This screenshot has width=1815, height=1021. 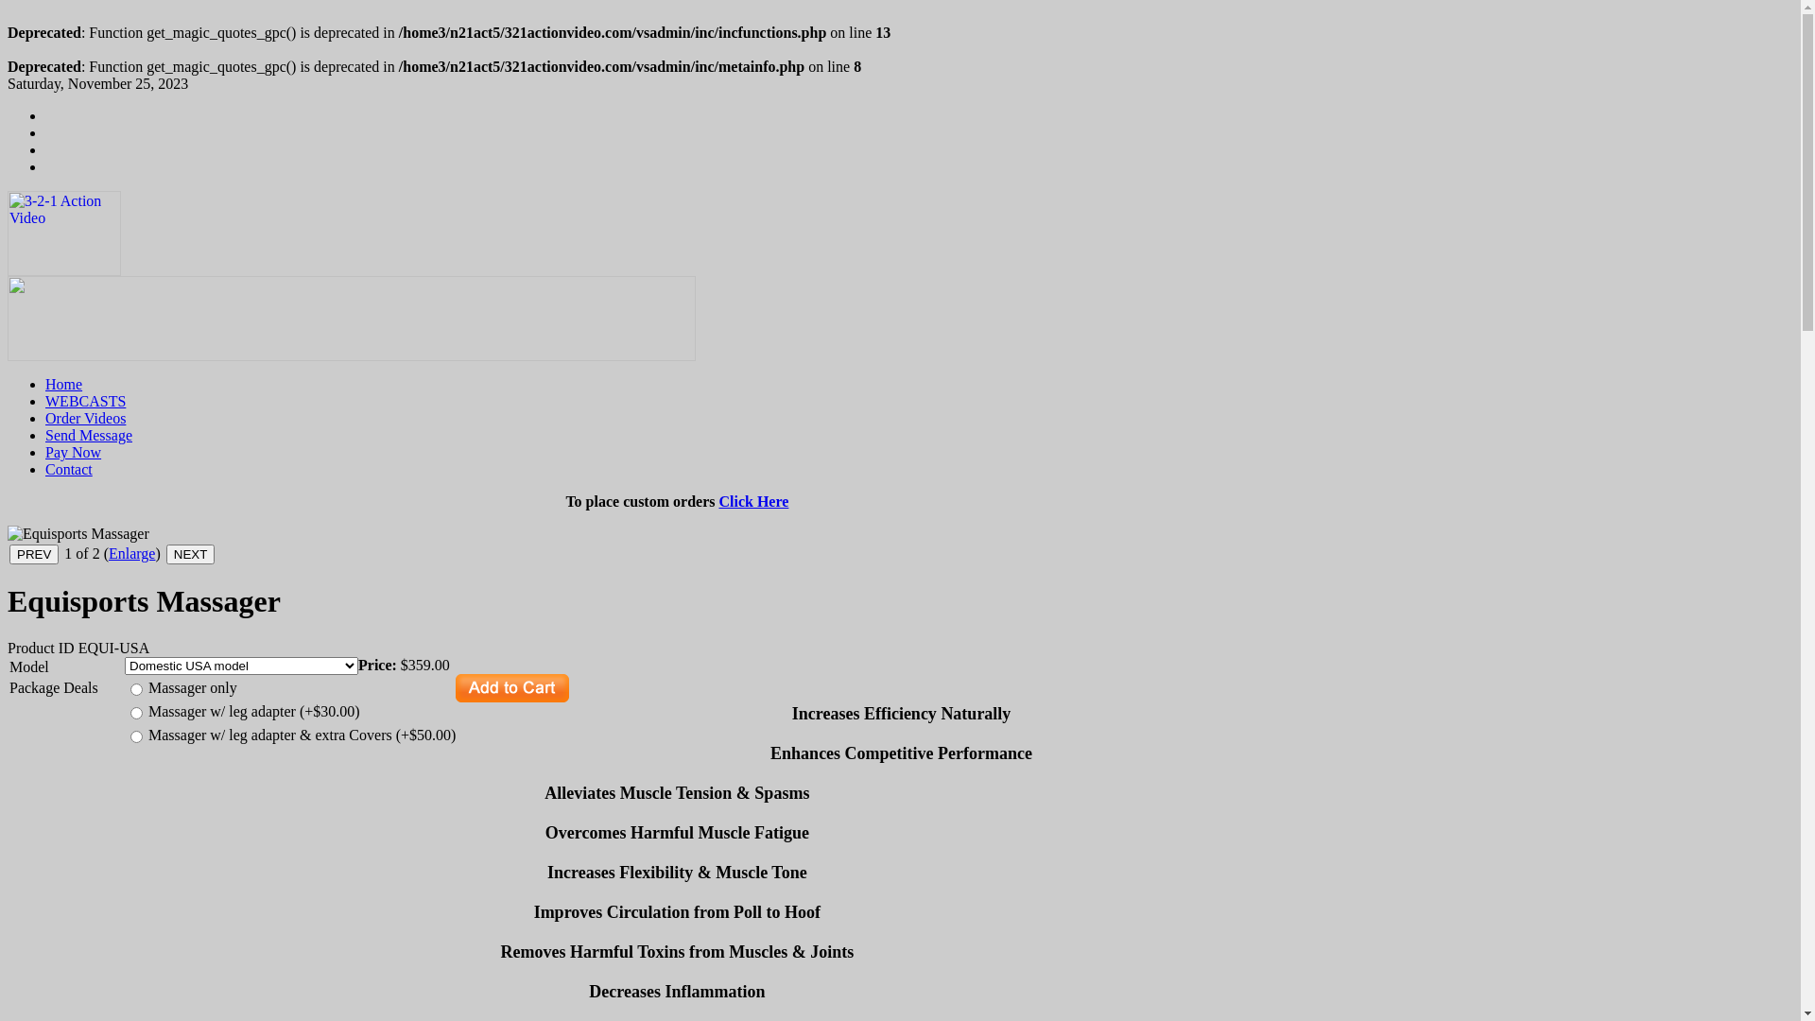 I want to click on 'Enlarge', so click(x=108, y=553).